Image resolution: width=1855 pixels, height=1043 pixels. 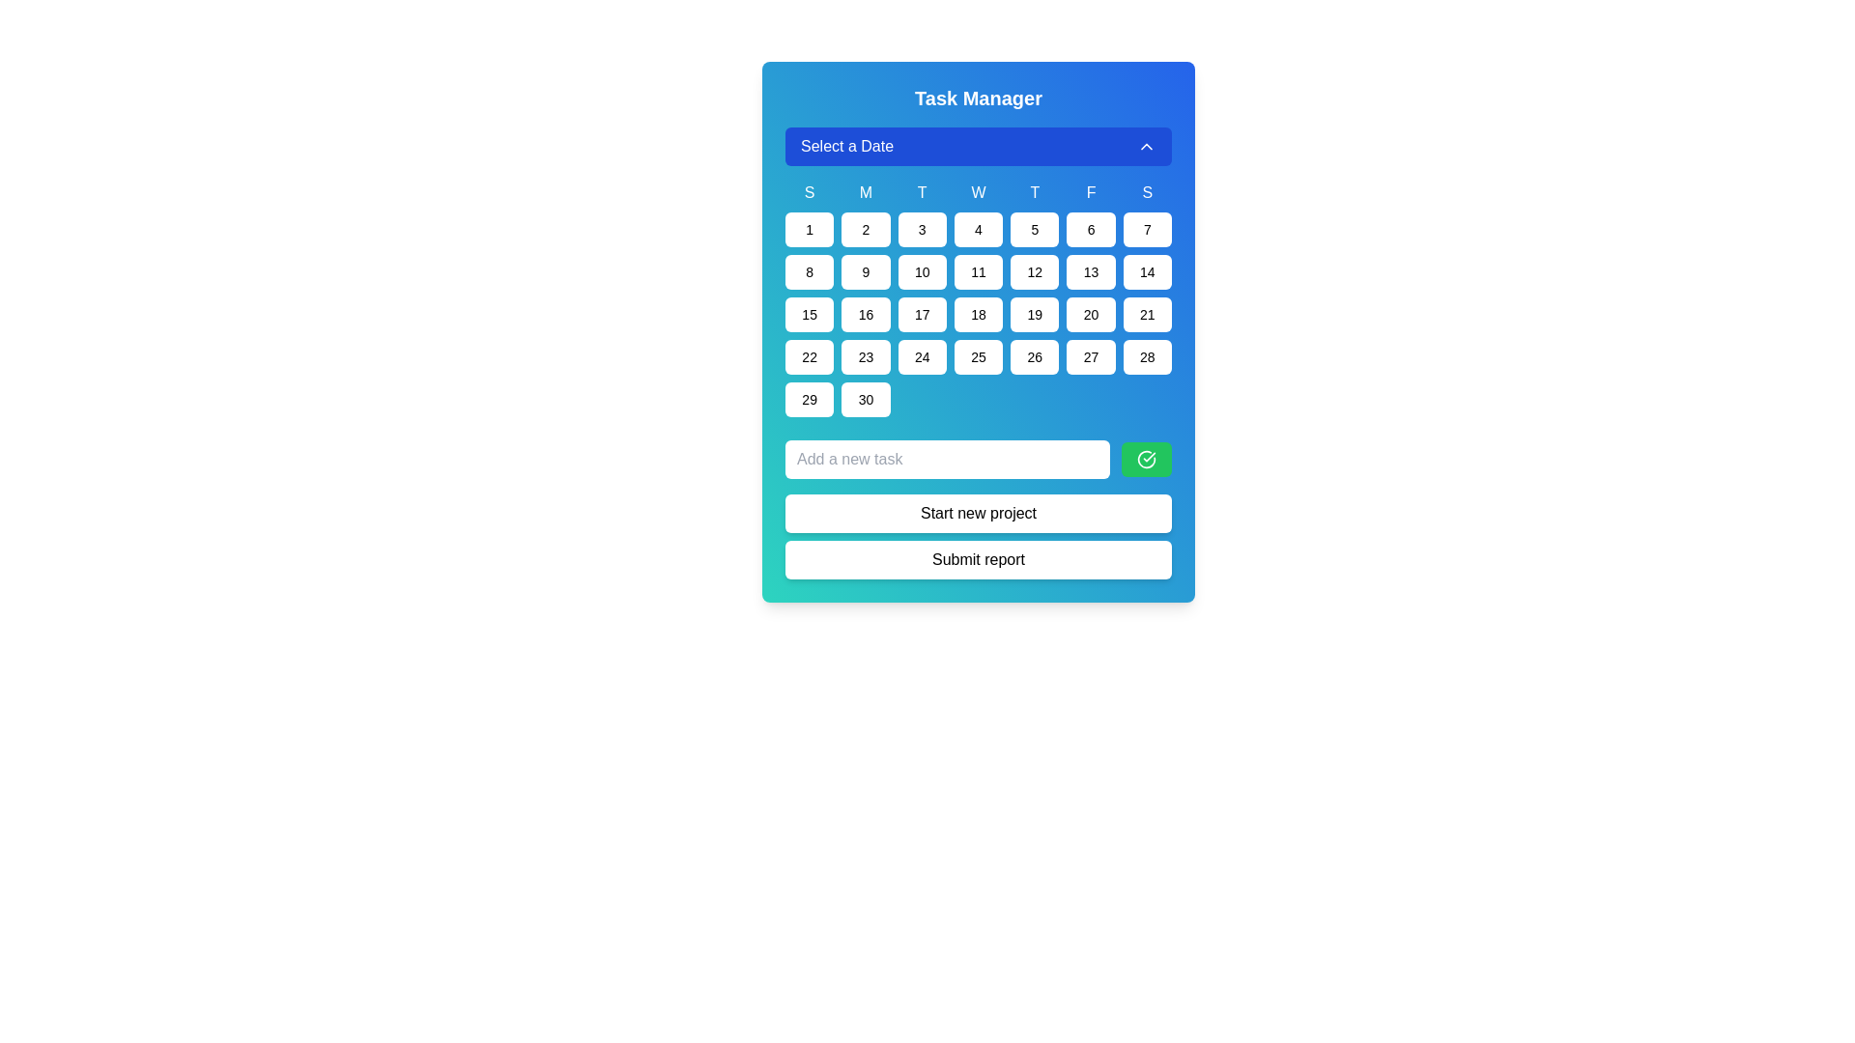 I want to click on the selectable day button representing the date '6' in the calendar interface, located in the second row, sixth column beneath the 'F' header, so click(x=1091, y=229).